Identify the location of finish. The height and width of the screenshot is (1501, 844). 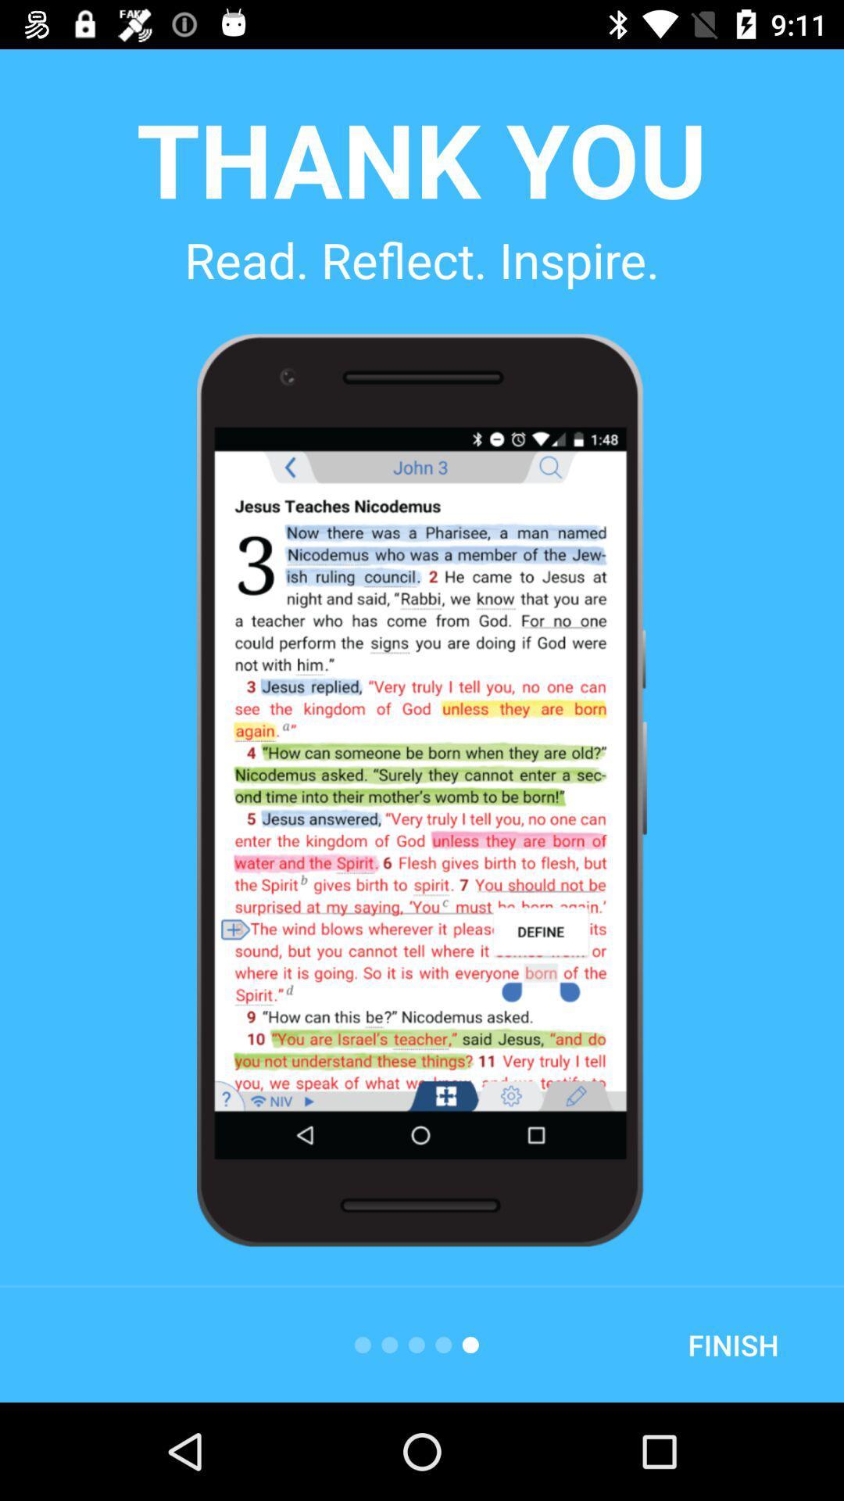
(733, 1344).